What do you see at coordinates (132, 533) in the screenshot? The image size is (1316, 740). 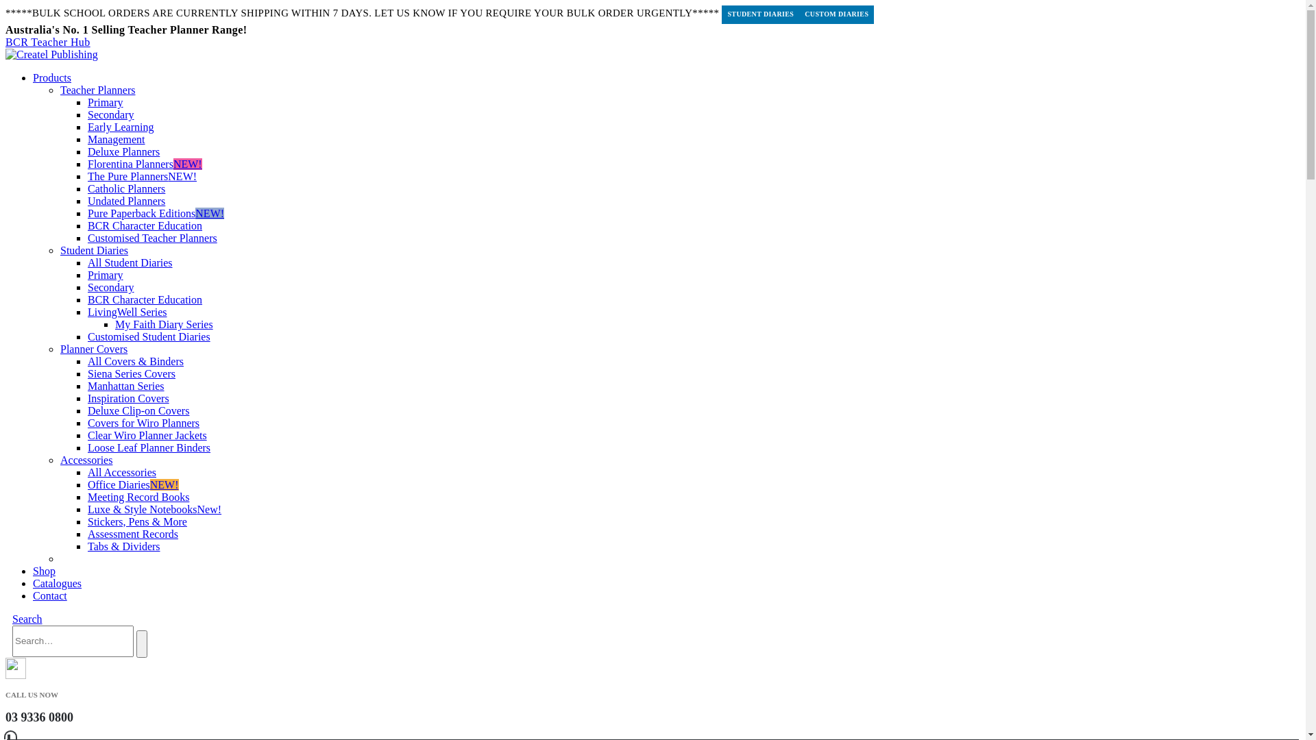 I see `'Assessment Records'` at bounding box center [132, 533].